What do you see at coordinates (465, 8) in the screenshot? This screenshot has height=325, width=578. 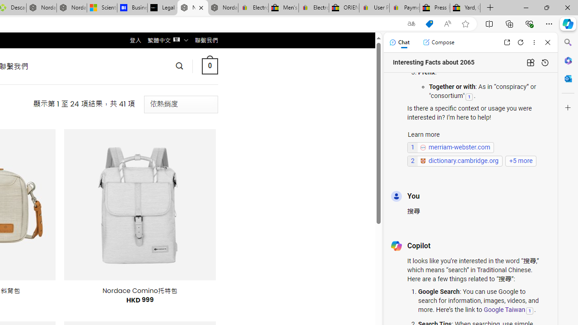 I see `'Yard, Garden & Outdoor Living'` at bounding box center [465, 8].